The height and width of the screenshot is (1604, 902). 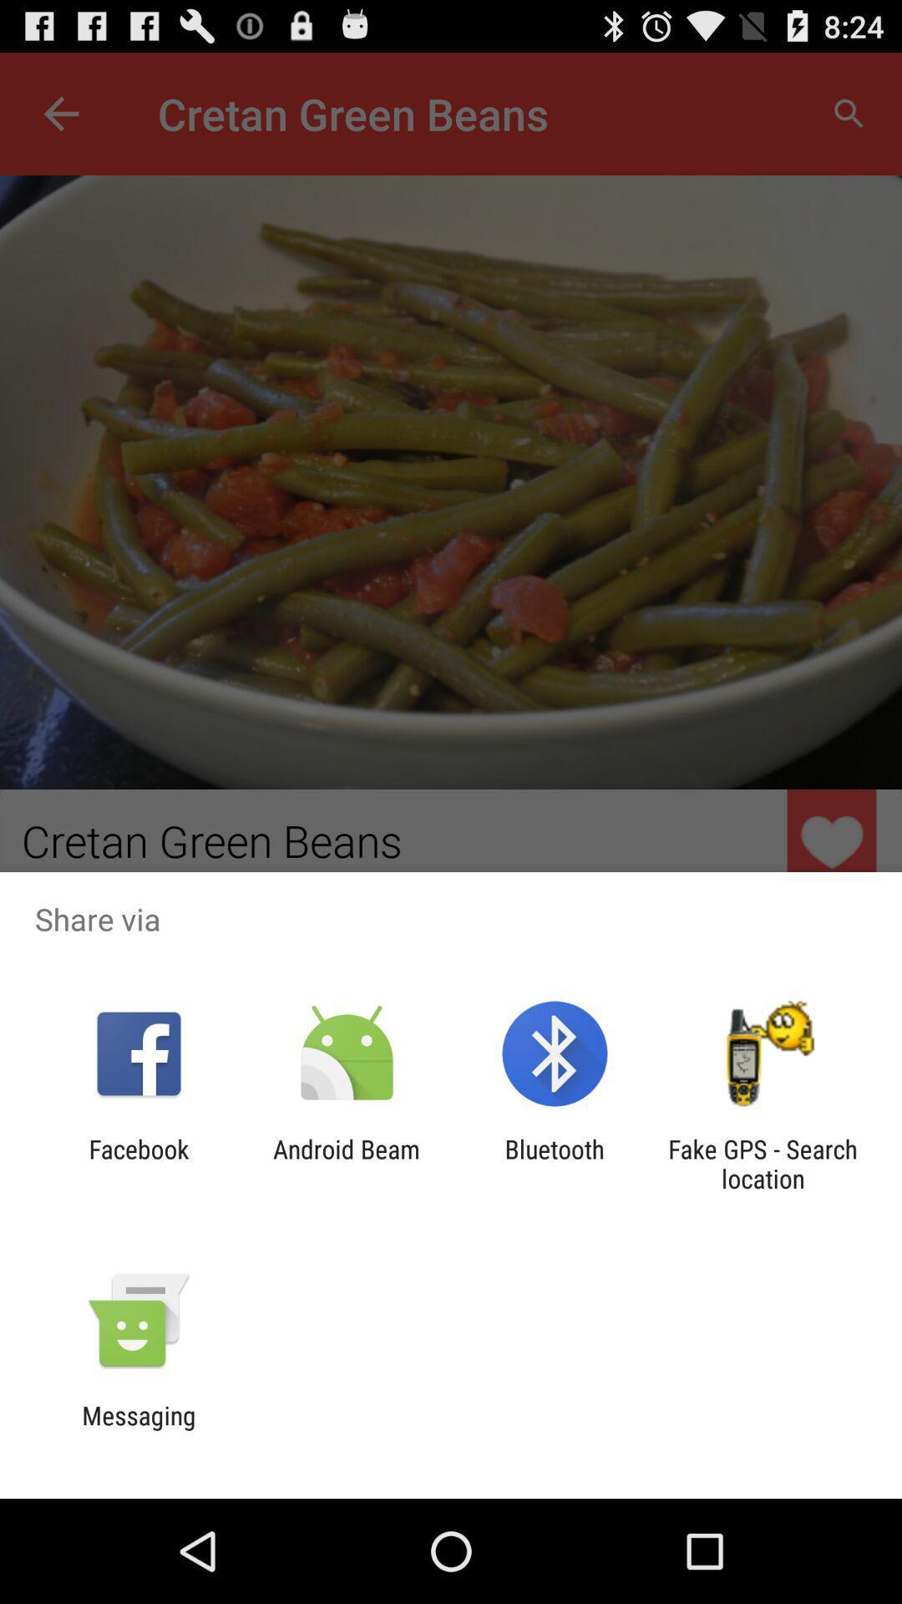 I want to click on the facebook app, so click(x=138, y=1163).